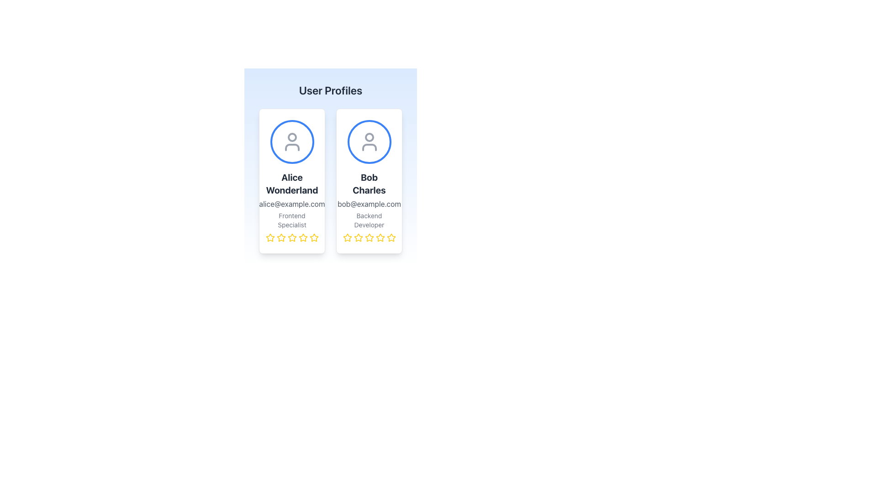 This screenshot has height=493, width=877. I want to click on the central circular profile icon representing 'Bob Charles', so click(369, 142).